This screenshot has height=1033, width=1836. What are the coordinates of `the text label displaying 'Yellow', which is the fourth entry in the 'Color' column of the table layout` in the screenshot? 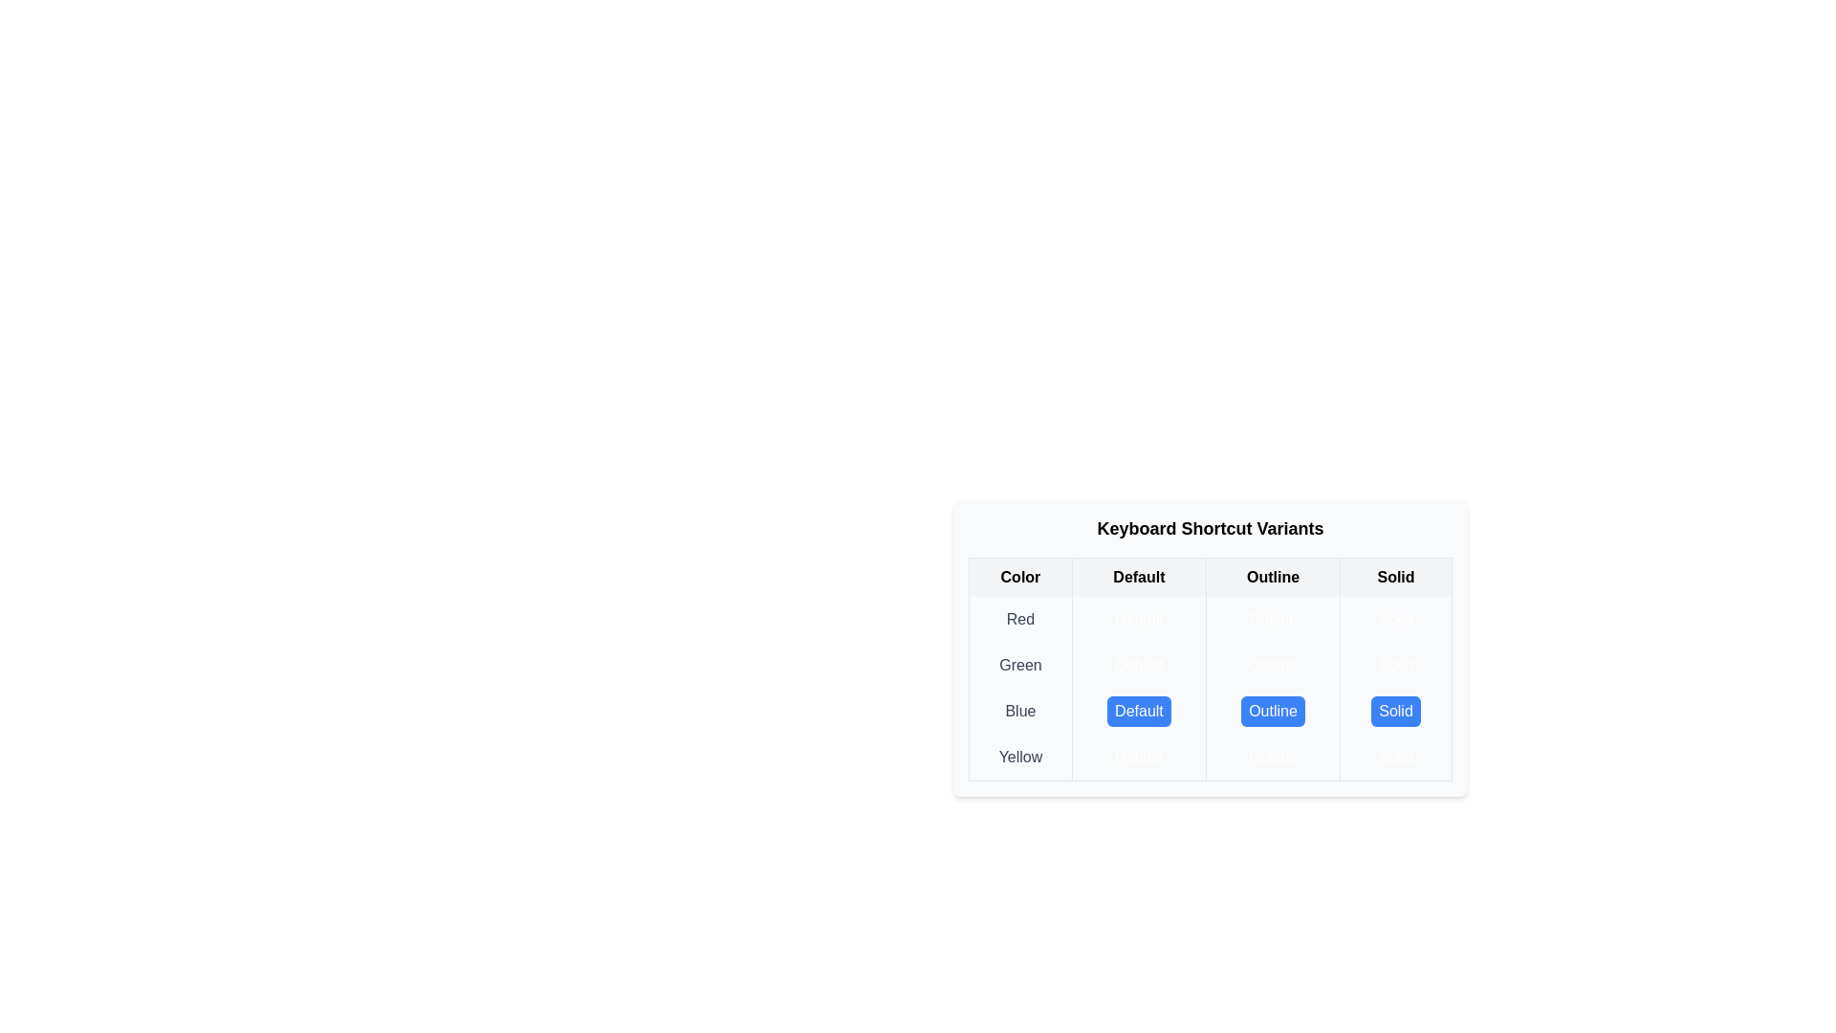 It's located at (1019, 757).